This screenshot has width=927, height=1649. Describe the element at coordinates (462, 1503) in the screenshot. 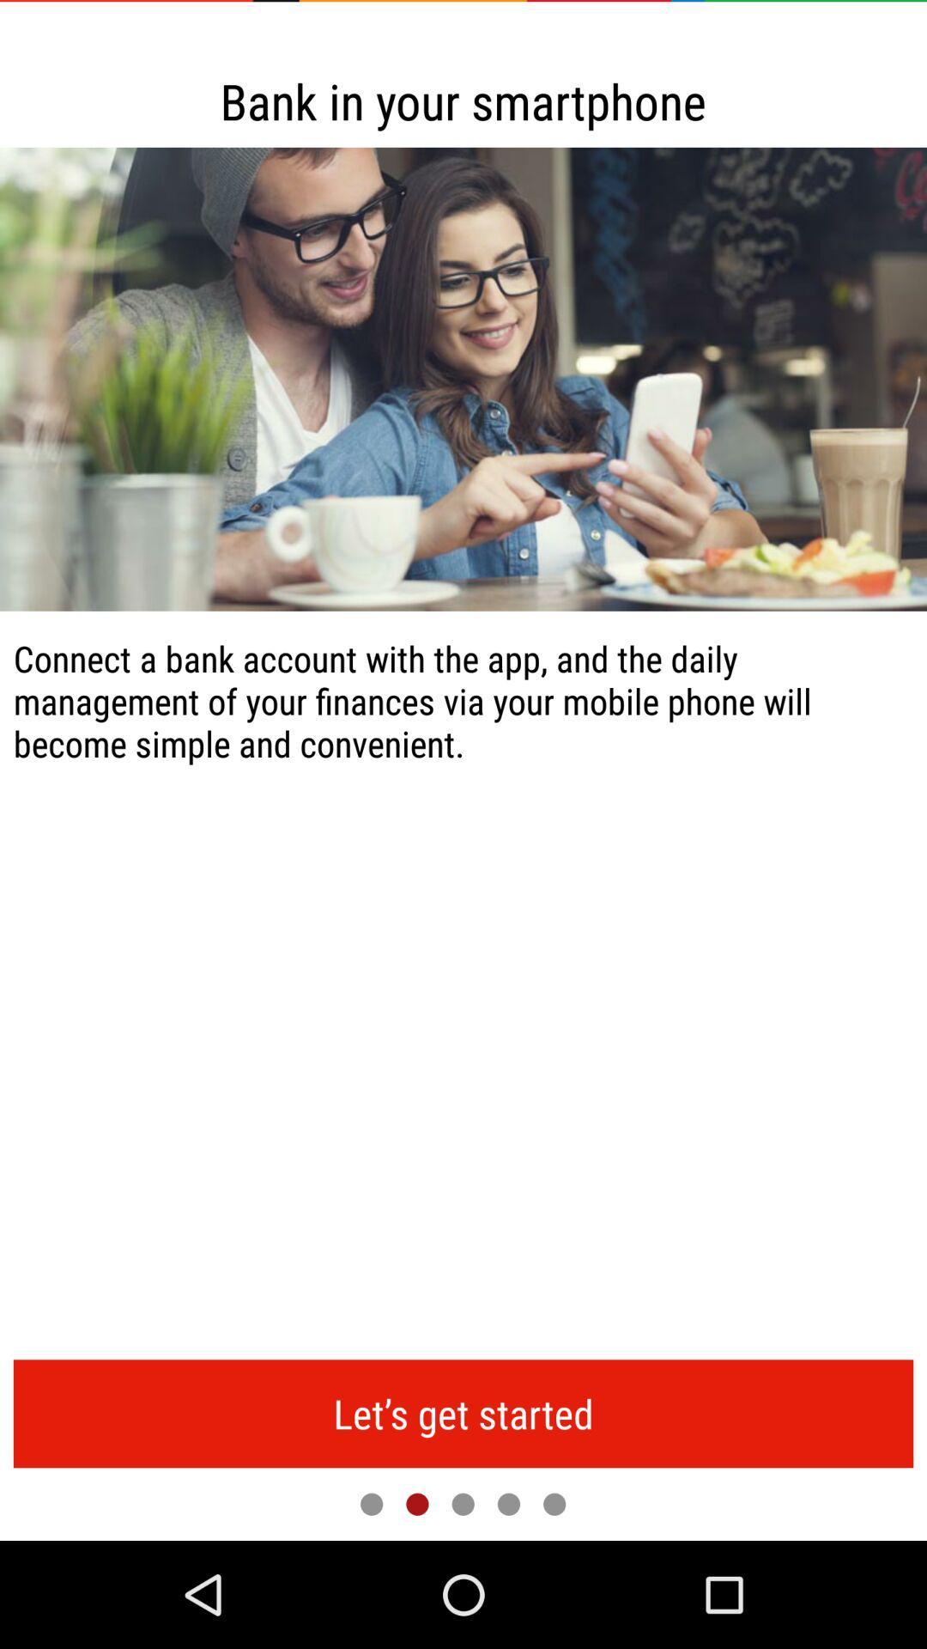

I see `switch page` at that location.